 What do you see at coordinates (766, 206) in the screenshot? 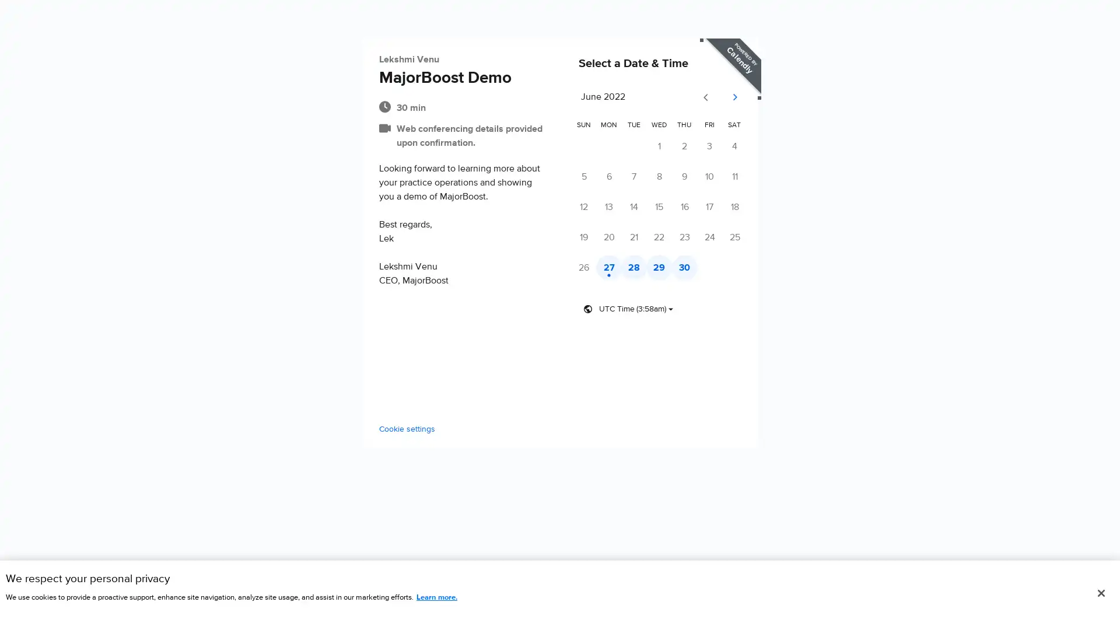
I see `Saturday, June 18 - No times available` at bounding box center [766, 206].